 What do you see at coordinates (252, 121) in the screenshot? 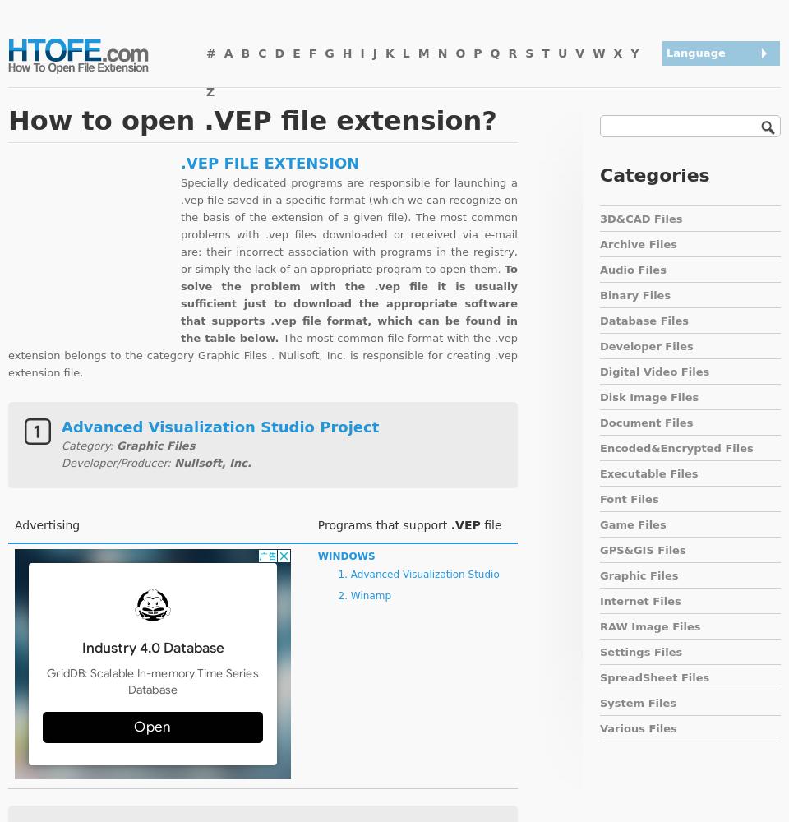
I see `'How to open .VEP file extension?'` at bounding box center [252, 121].